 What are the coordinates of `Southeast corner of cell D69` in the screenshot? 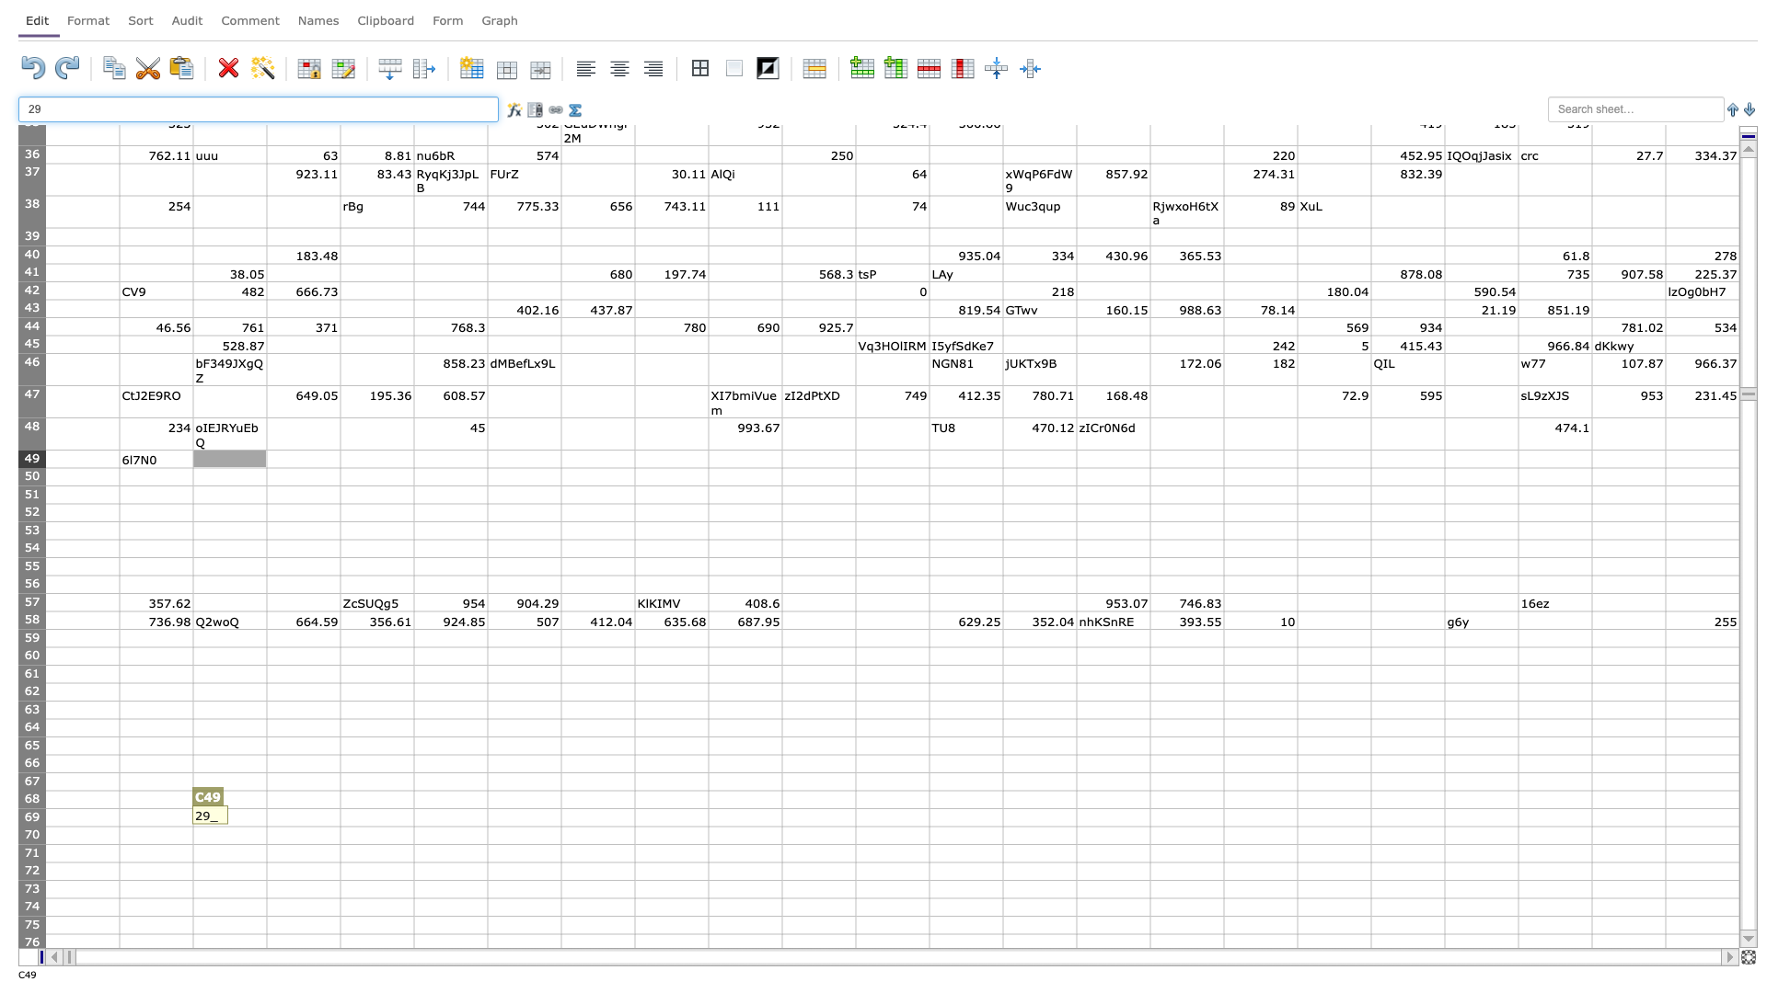 It's located at (340, 825).